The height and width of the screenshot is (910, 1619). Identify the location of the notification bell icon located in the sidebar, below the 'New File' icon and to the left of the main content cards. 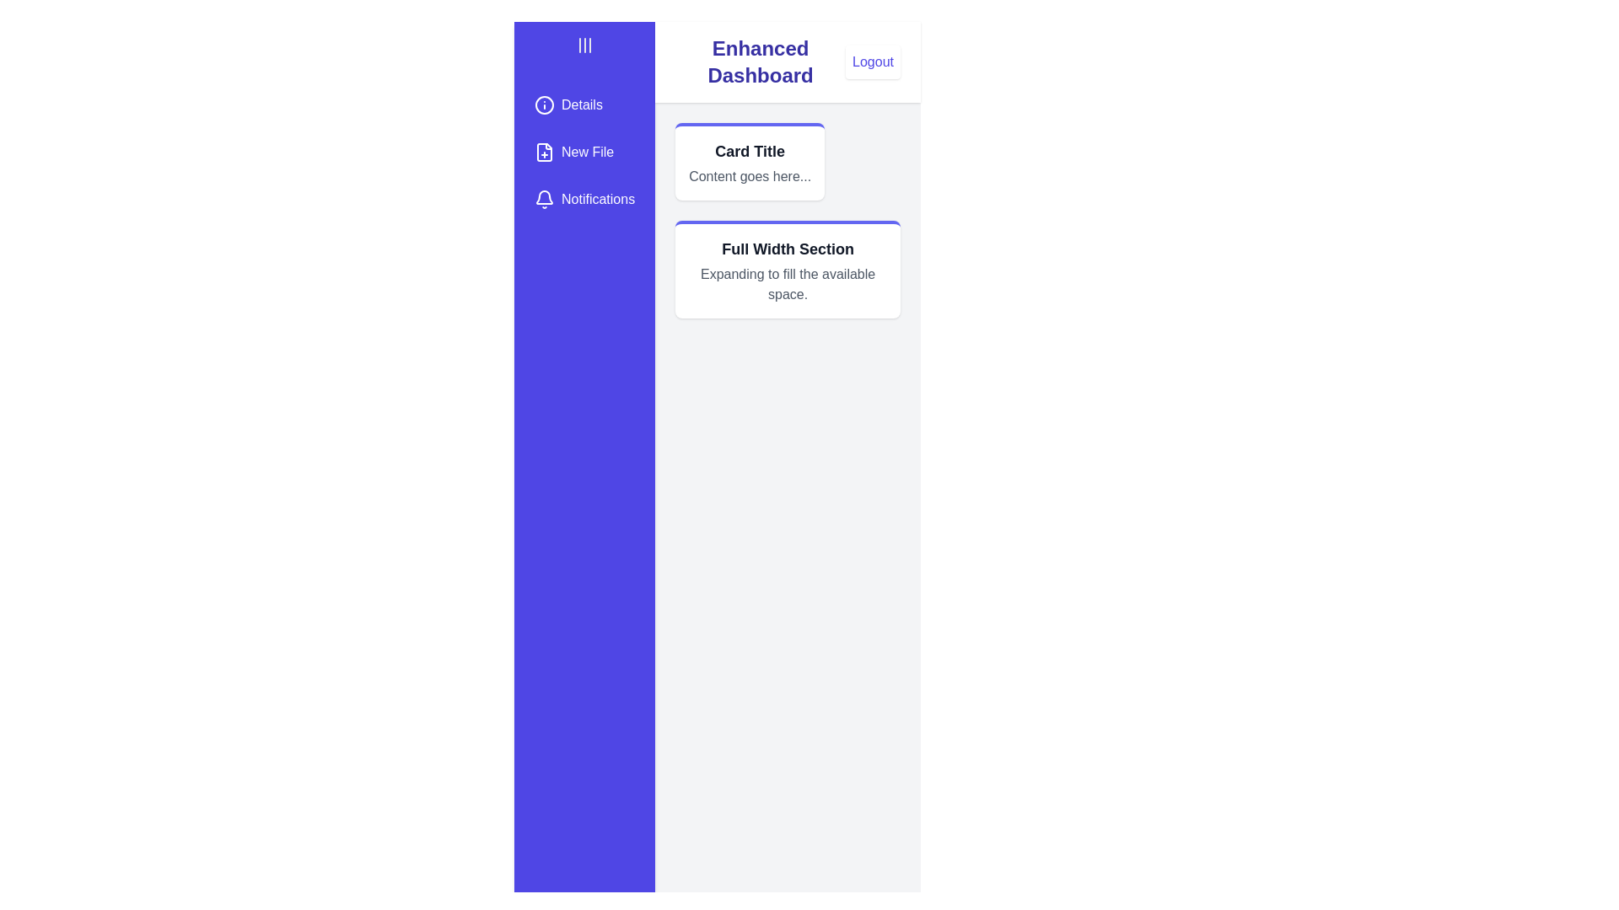
(545, 196).